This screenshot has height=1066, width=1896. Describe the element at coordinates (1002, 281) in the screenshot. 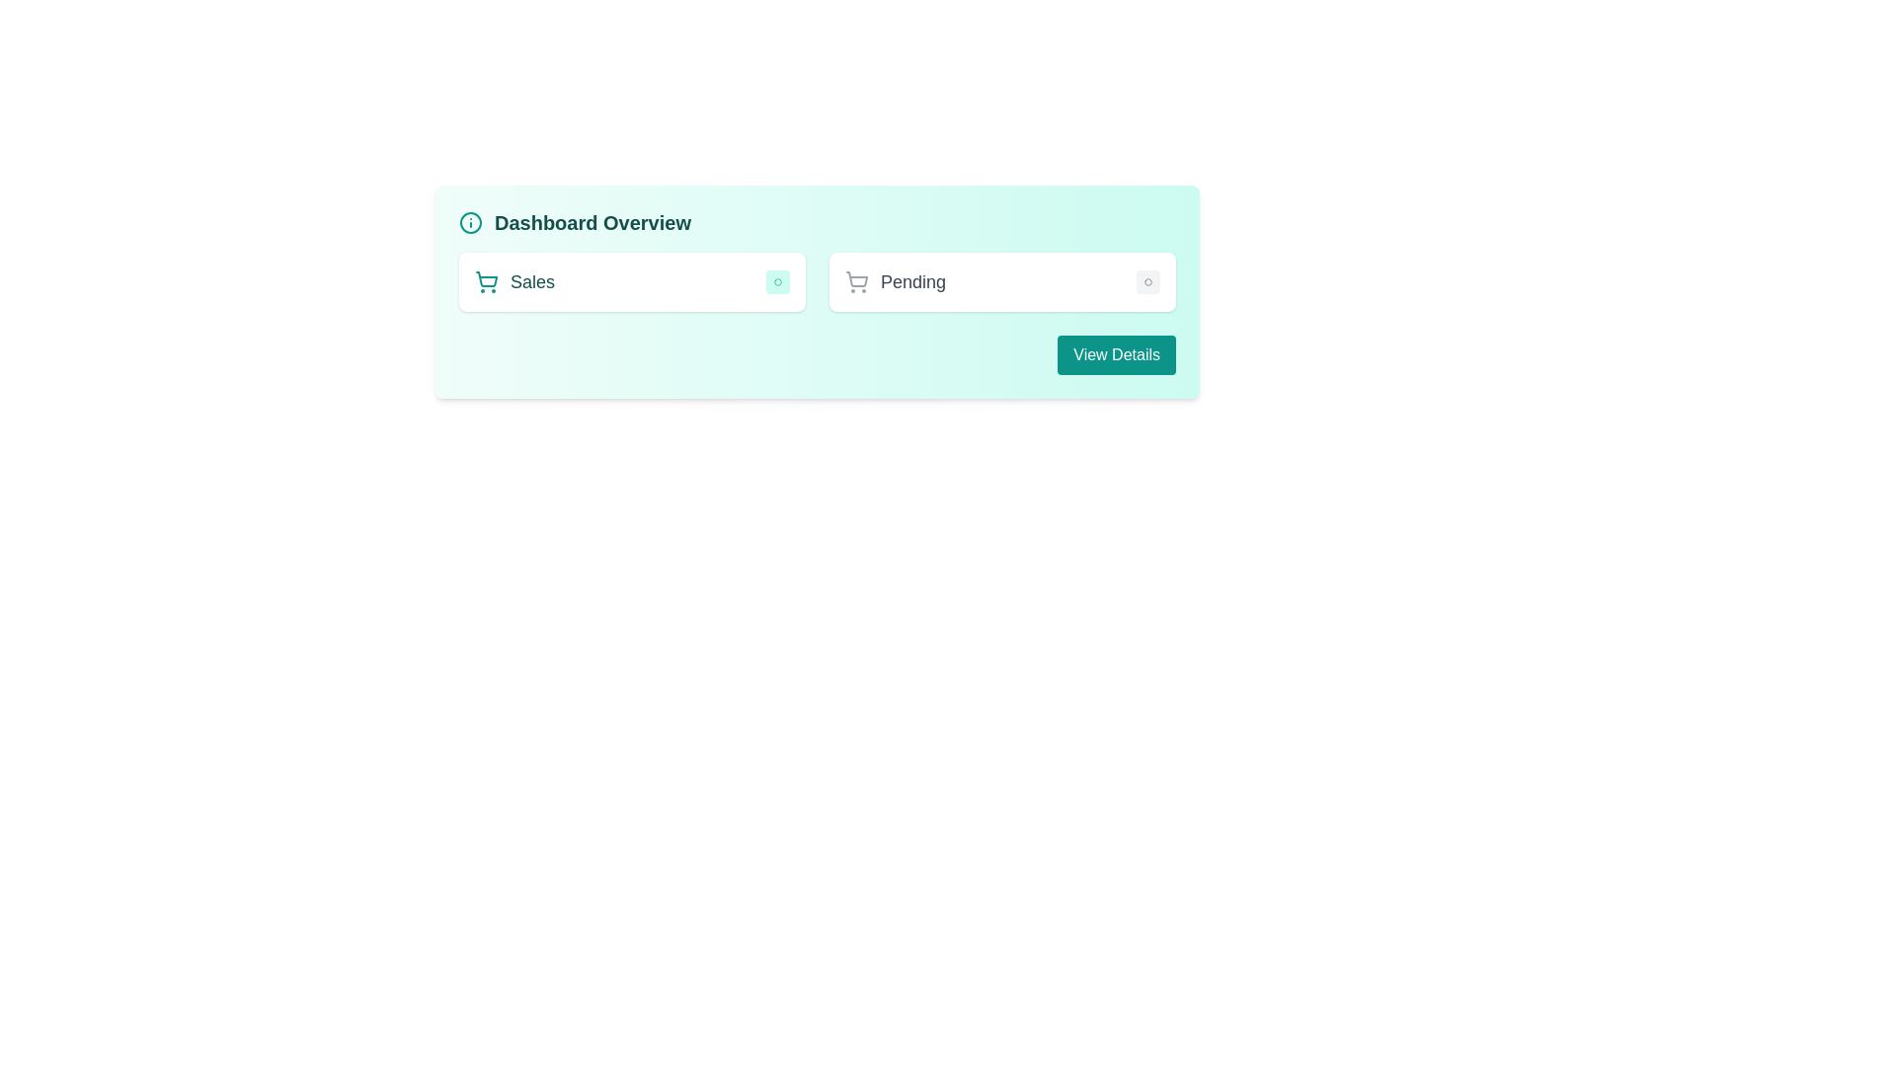

I see `the Informational card that displays 'Pending' with an 'Inactive' badge, located in the right column of the dashboard` at that location.